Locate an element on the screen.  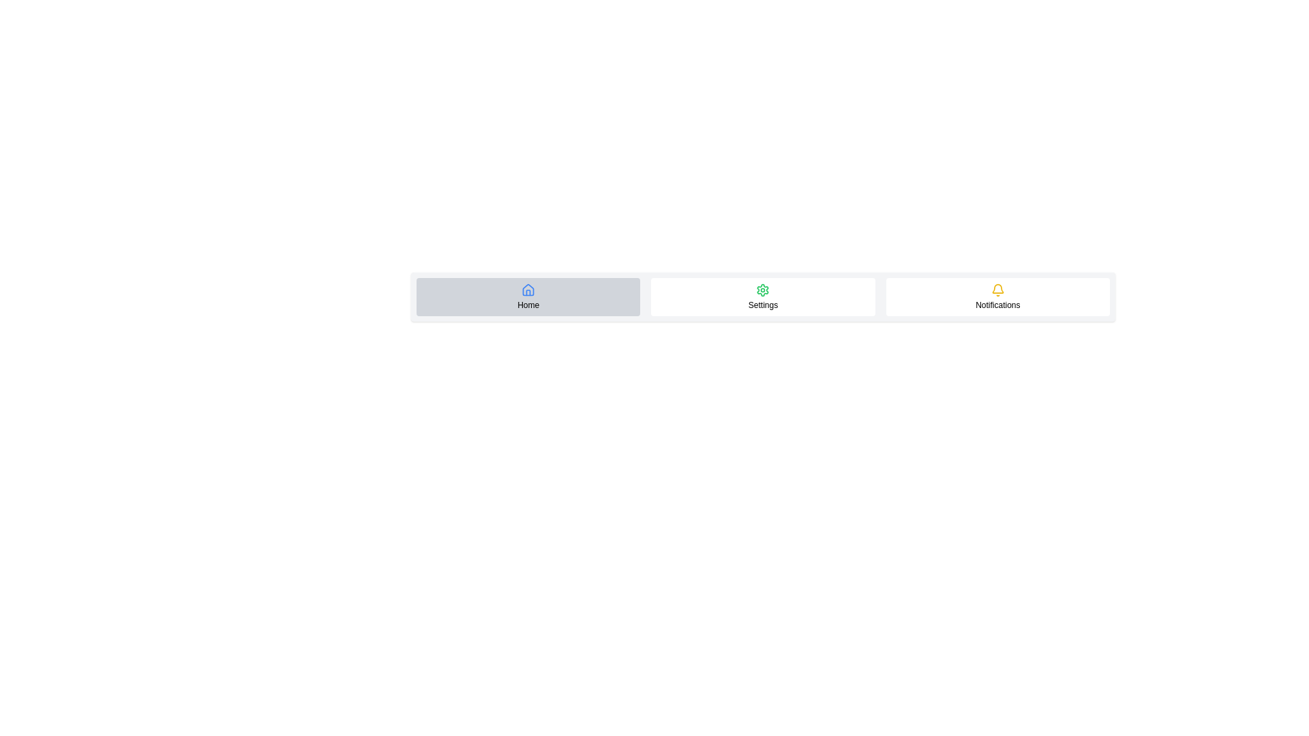
the rectangular button labeled 'Home' with a blue house icon, located in the top center navigation bar is located at coordinates (528, 296).